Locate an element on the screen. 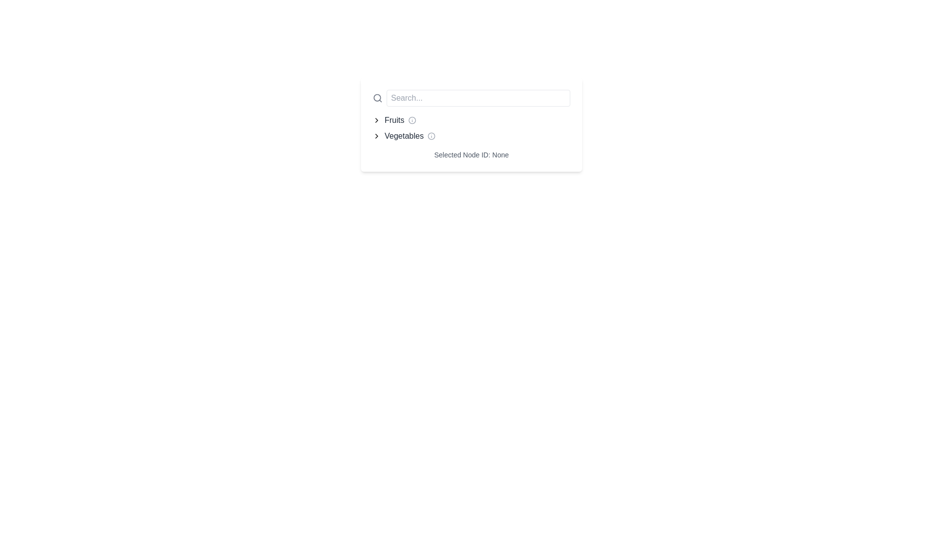 The width and height of the screenshot is (948, 533). the informational indicator icon located to the right of the text 'Vegetables' is located at coordinates (432, 136).